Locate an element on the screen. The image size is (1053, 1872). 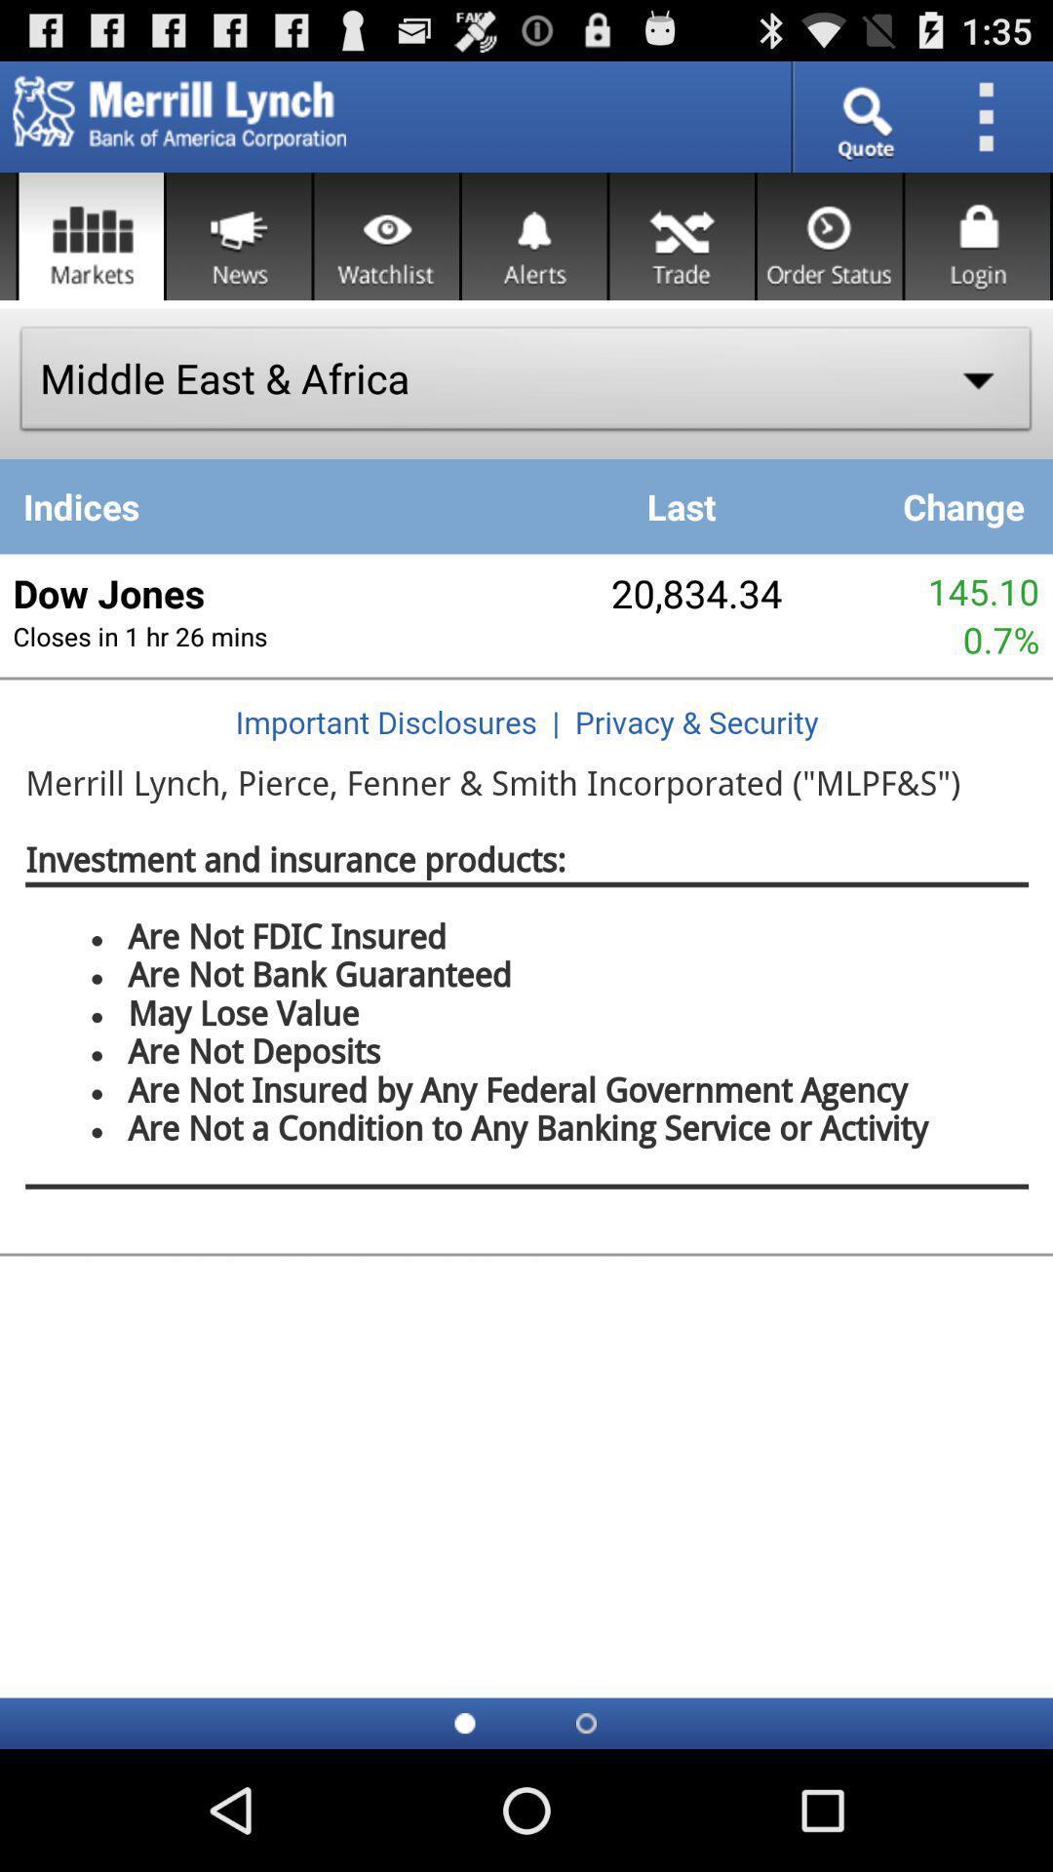
the visibility icon is located at coordinates (386, 252).